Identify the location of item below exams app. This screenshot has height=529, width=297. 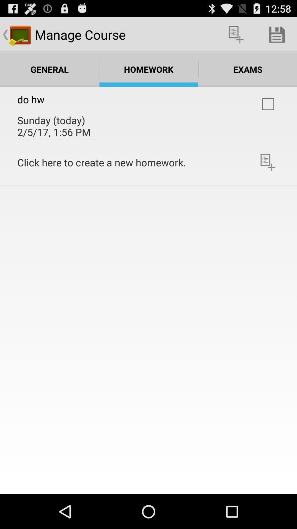
(268, 104).